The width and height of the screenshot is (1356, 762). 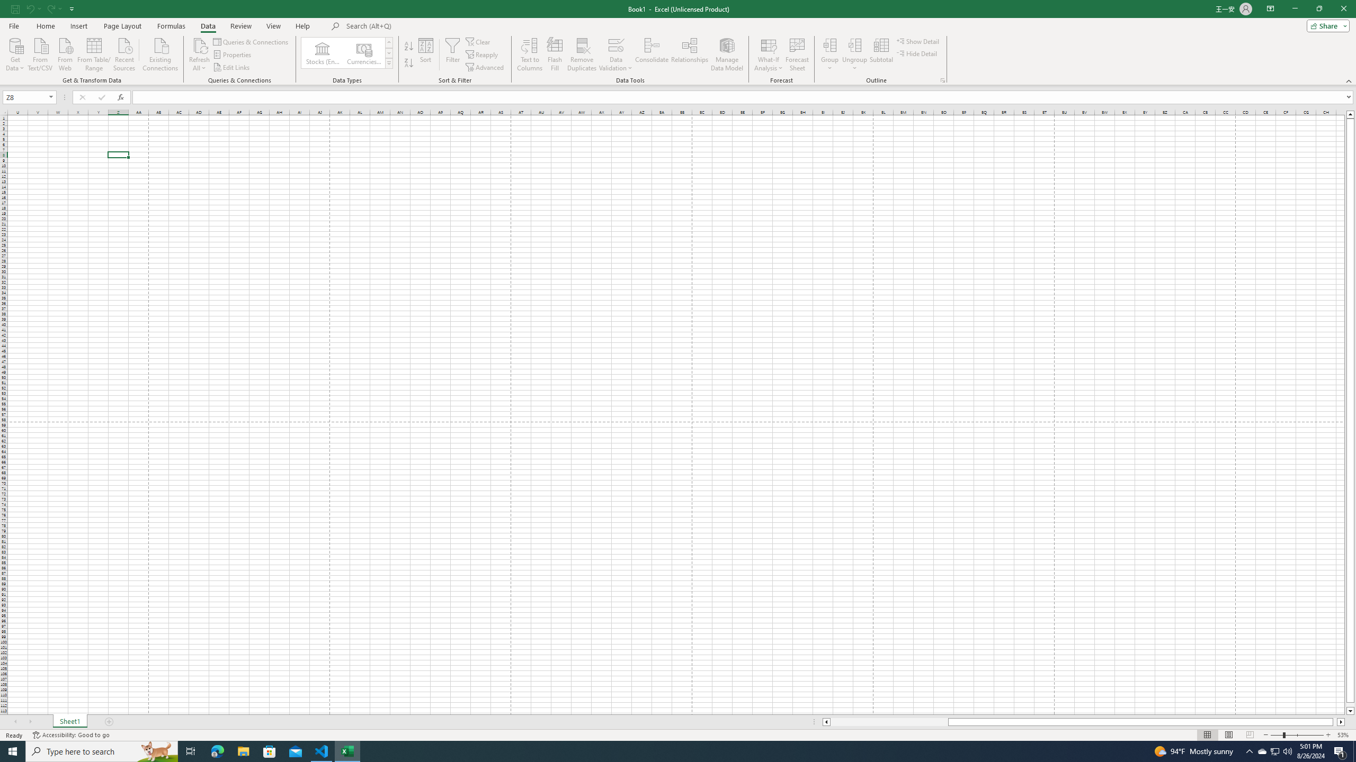 What do you see at coordinates (322, 52) in the screenshot?
I see `'Stocks (English)'` at bounding box center [322, 52].